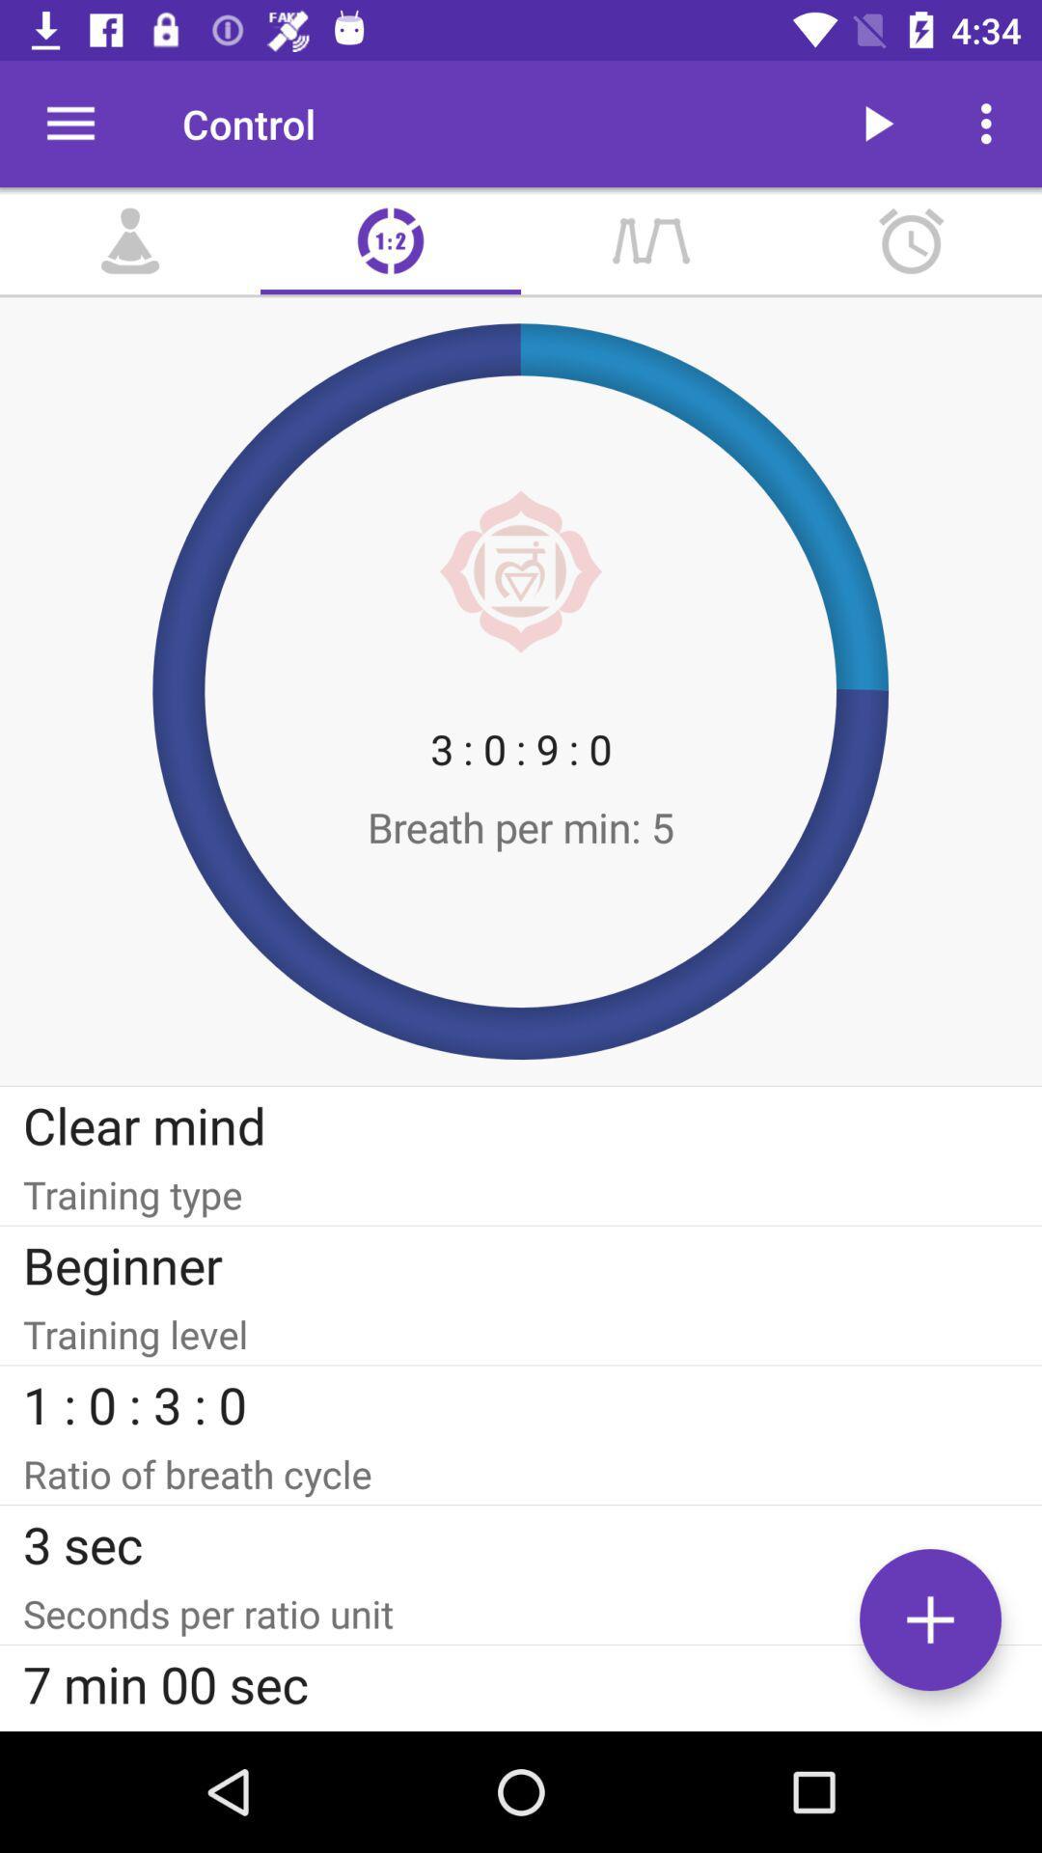 The width and height of the screenshot is (1042, 1853). What do you see at coordinates (521, 1682) in the screenshot?
I see `7 min 00` at bounding box center [521, 1682].